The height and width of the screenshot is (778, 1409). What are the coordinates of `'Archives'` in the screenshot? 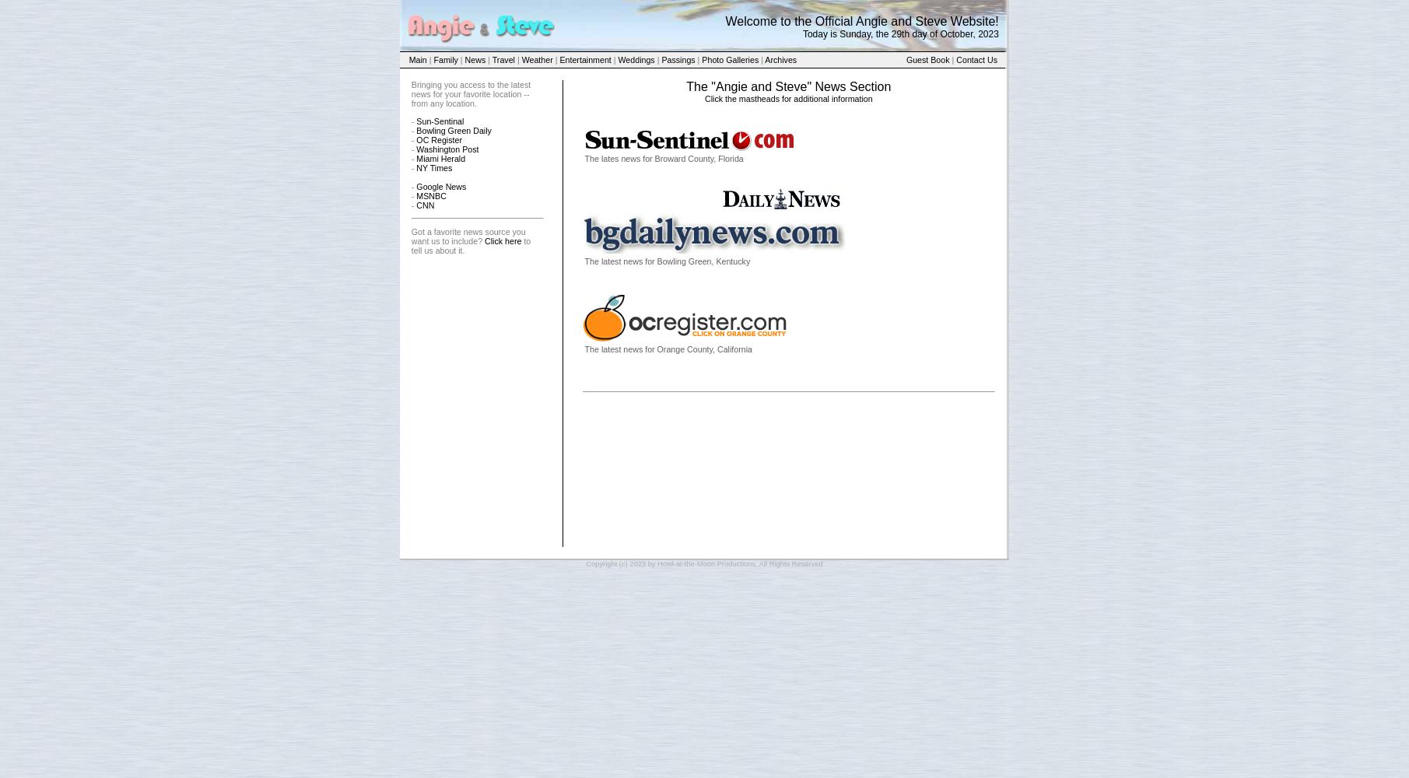 It's located at (780, 59).